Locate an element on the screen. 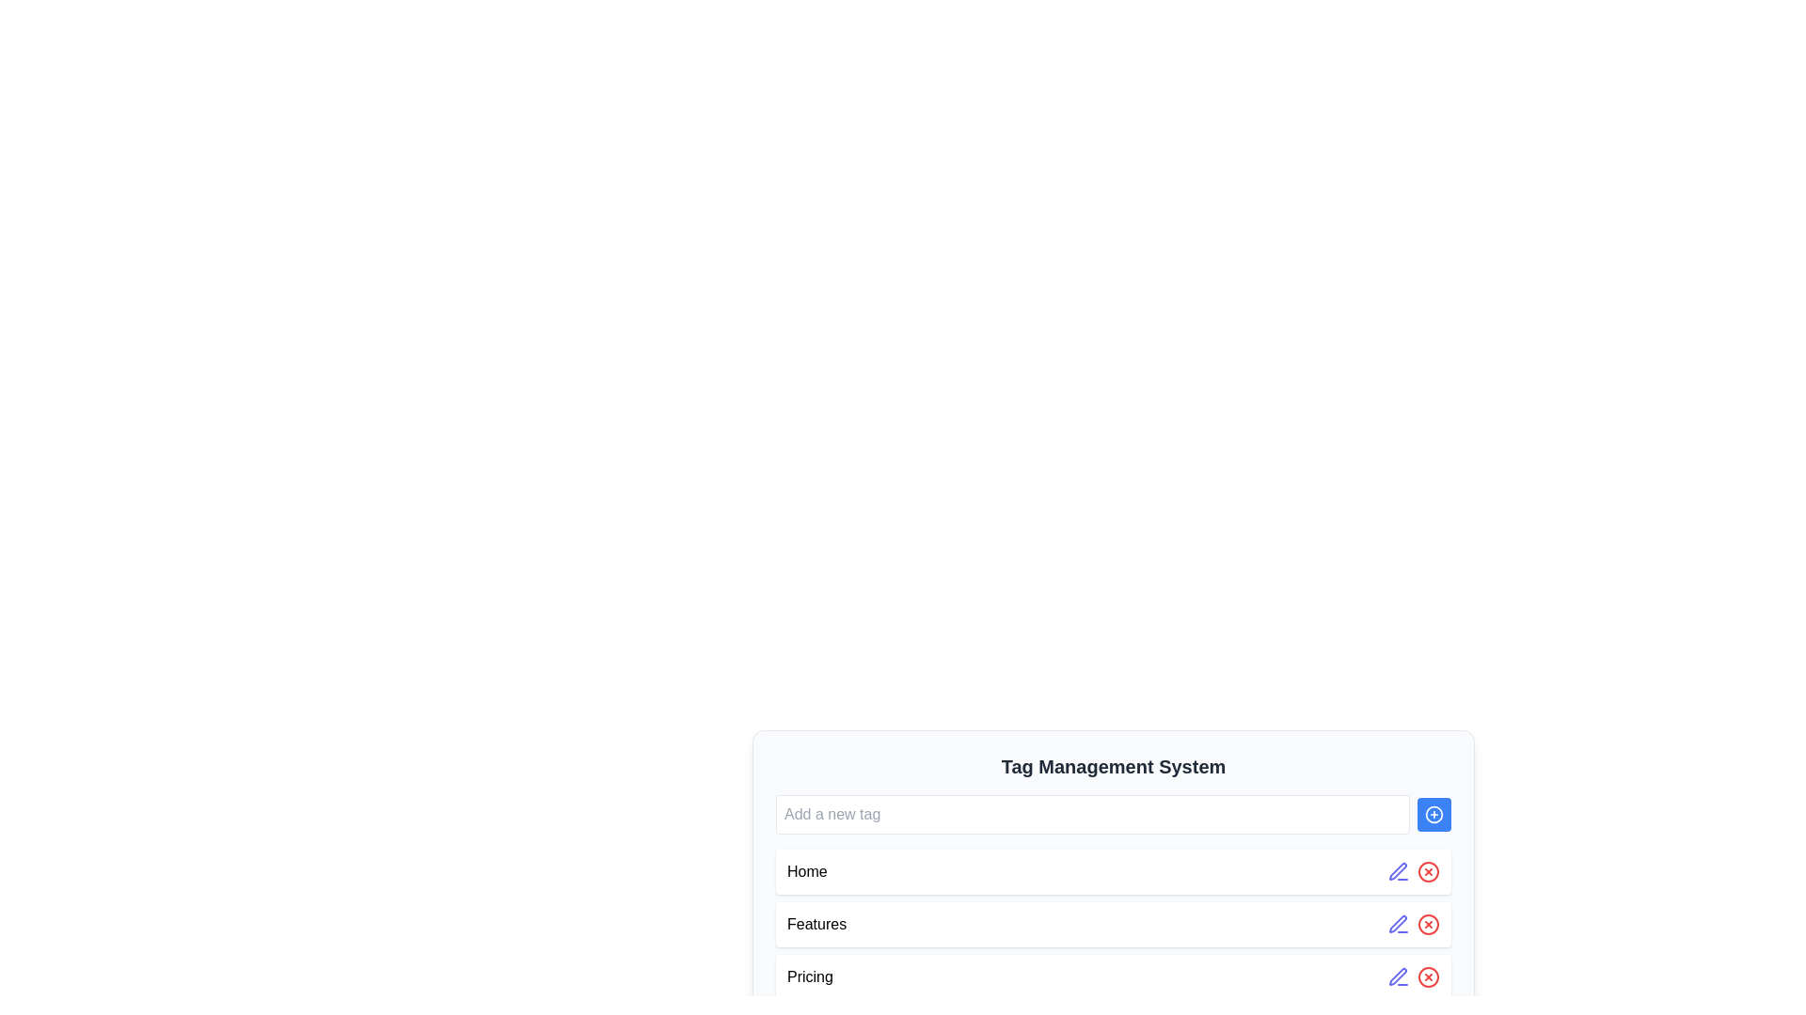 The width and height of the screenshot is (1806, 1015). the second item in the vertical list under 'Tag Management System' is located at coordinates (1114, 923).